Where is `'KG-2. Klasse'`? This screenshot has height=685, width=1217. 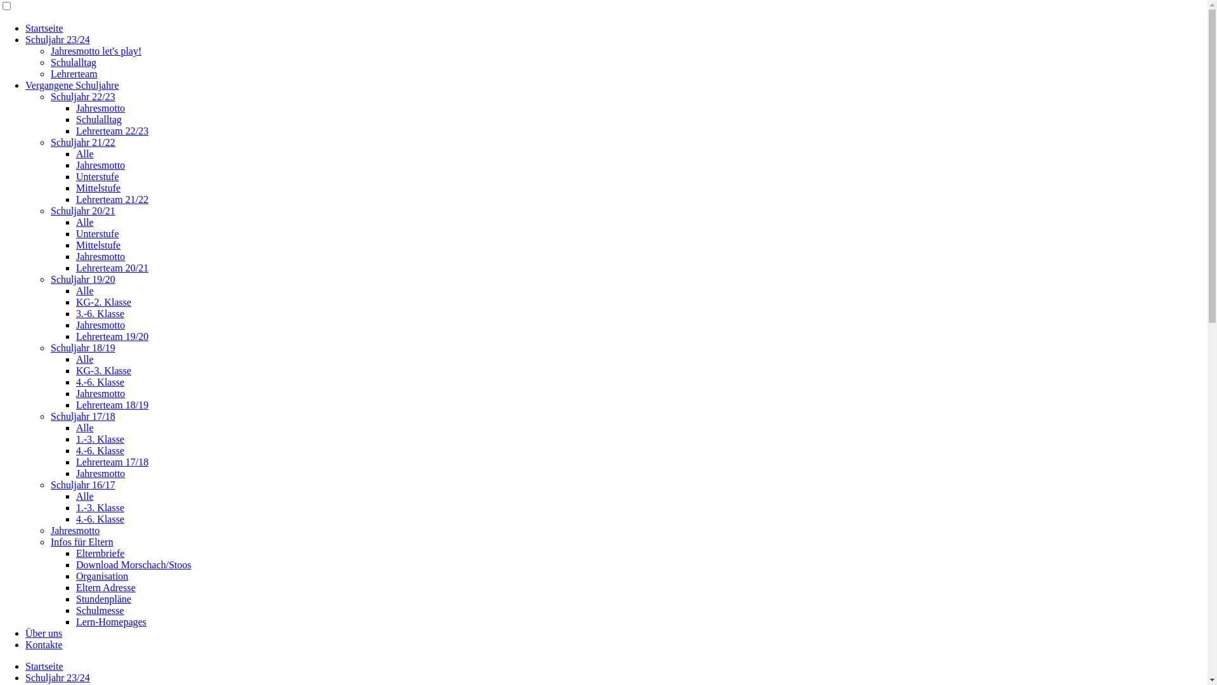
'KG-2. Klasse' is located at coordinates (75, 302).